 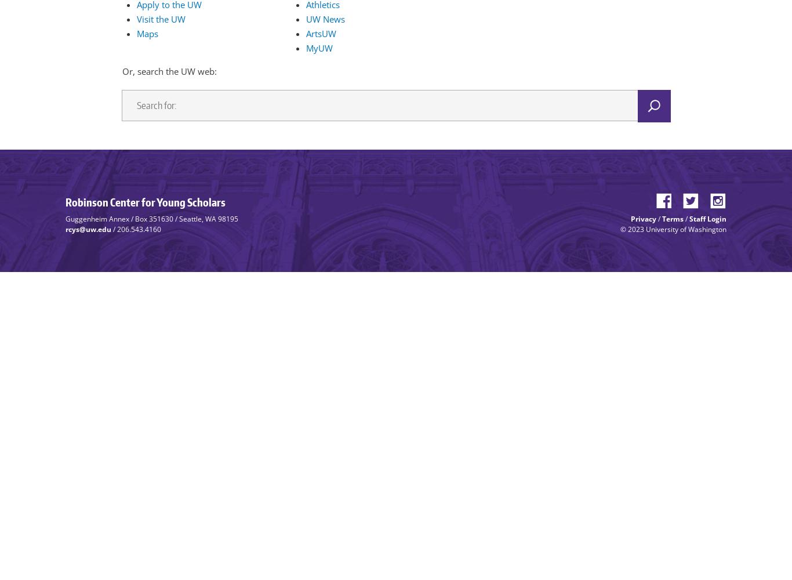 I want to click on 'Terms', so click(x=673, y=218).